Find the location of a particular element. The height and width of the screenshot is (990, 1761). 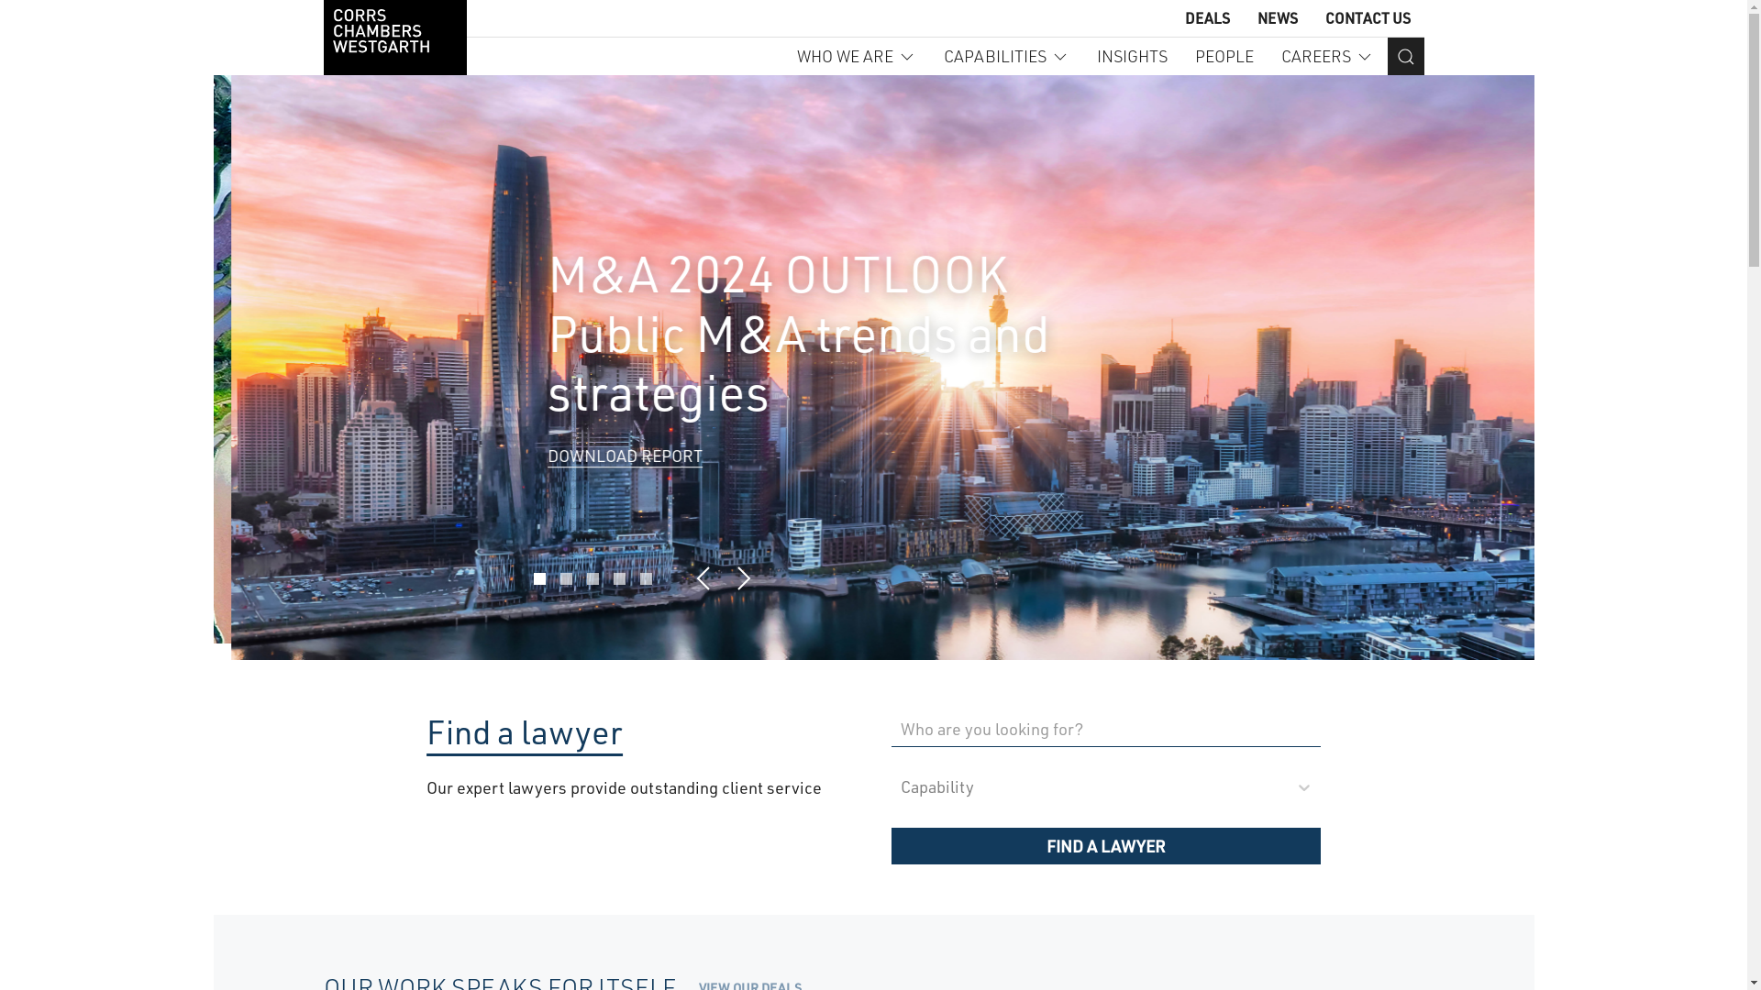

'NEWS' is located at coordinates (1255, 17).